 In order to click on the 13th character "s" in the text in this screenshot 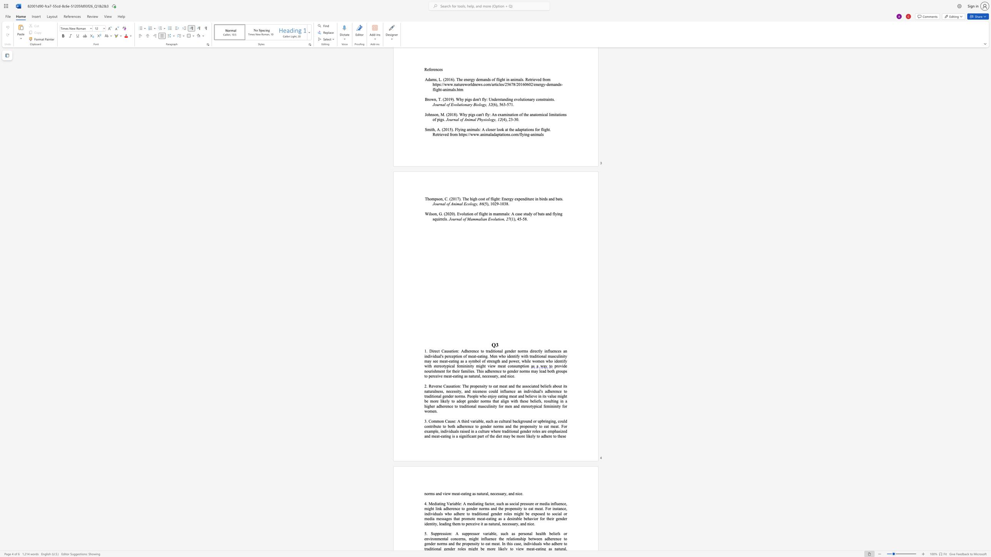, I will do `click(485, 391)`.